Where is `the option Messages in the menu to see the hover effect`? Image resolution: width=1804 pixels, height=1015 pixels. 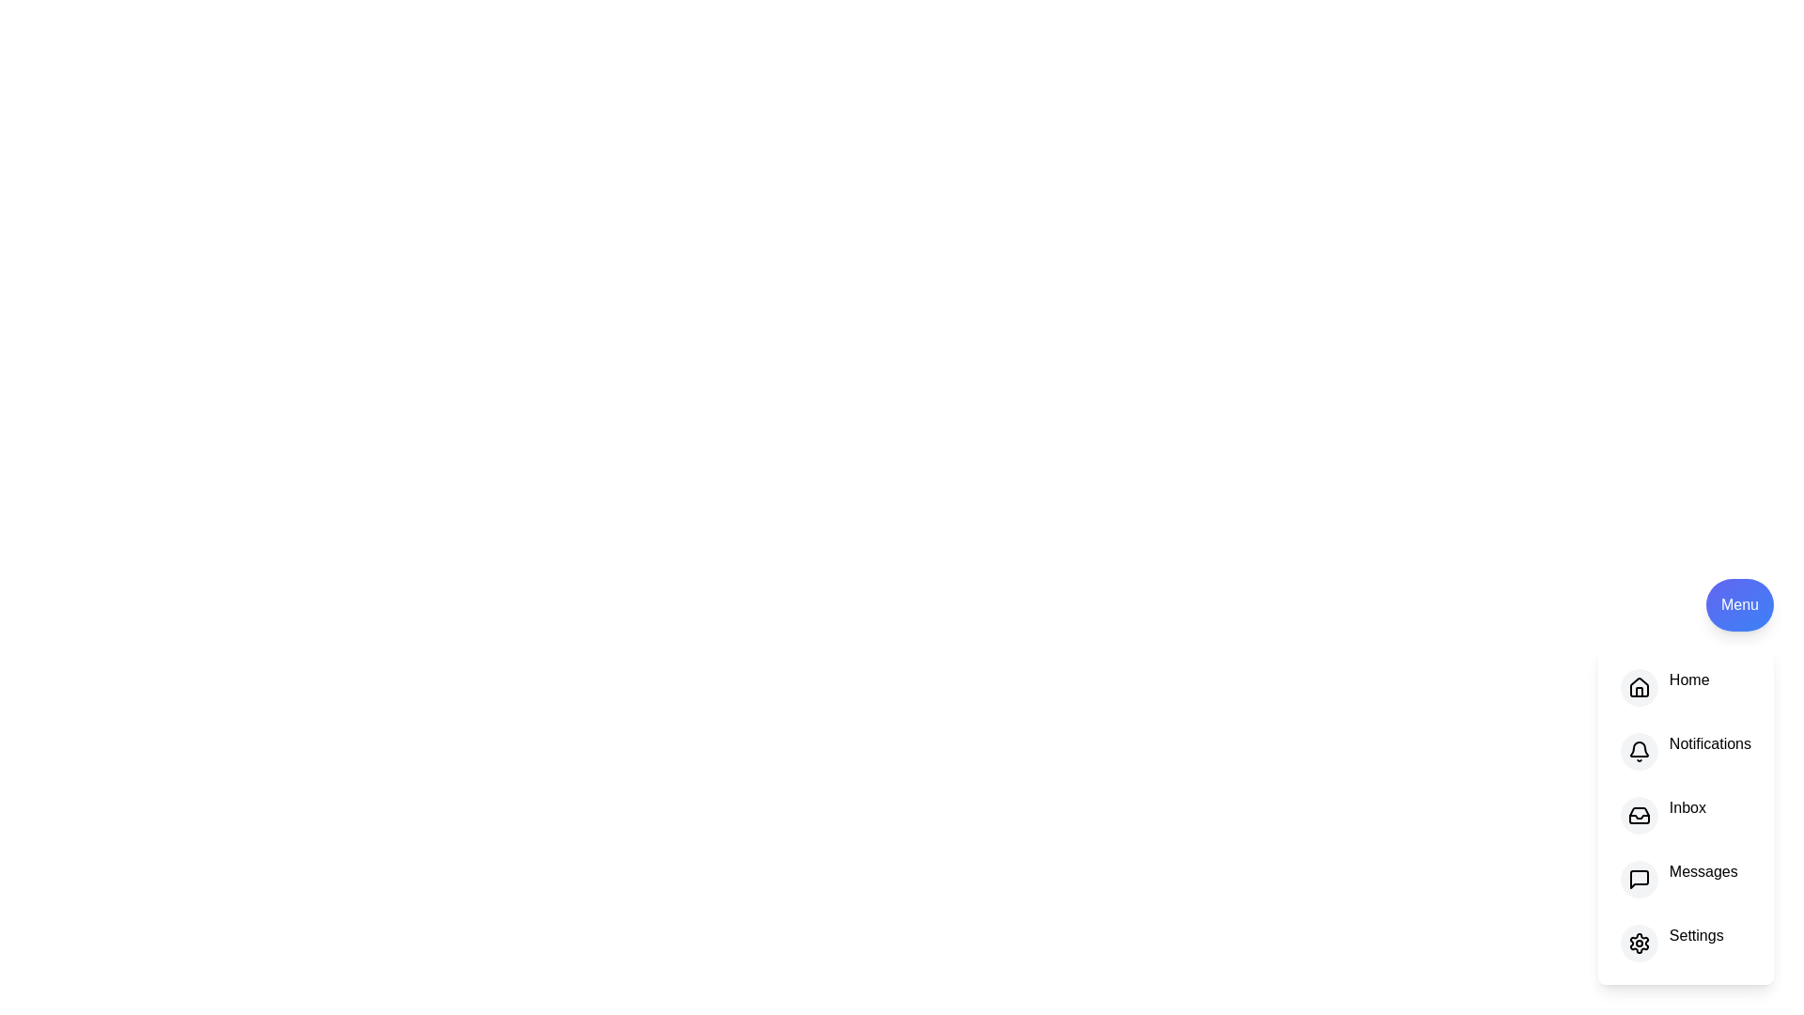 the option Messages in the menu to see the hover effect is located at coordinates (1686, 880).